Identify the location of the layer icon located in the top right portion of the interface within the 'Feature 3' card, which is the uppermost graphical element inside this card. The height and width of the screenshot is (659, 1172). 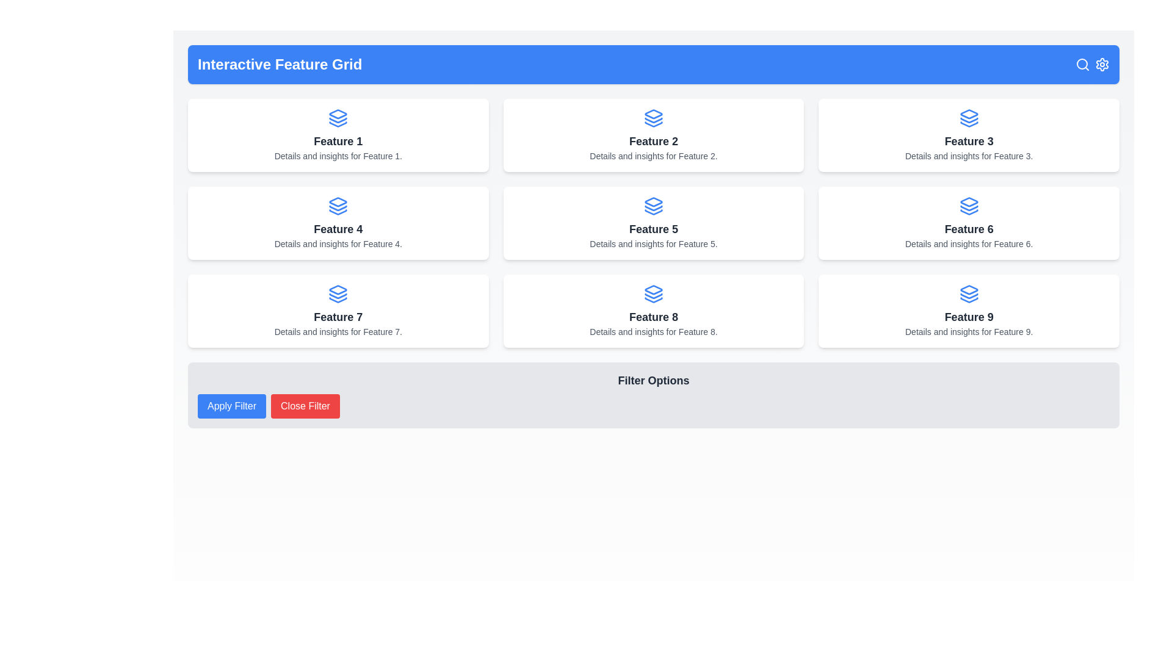
(968, 114).